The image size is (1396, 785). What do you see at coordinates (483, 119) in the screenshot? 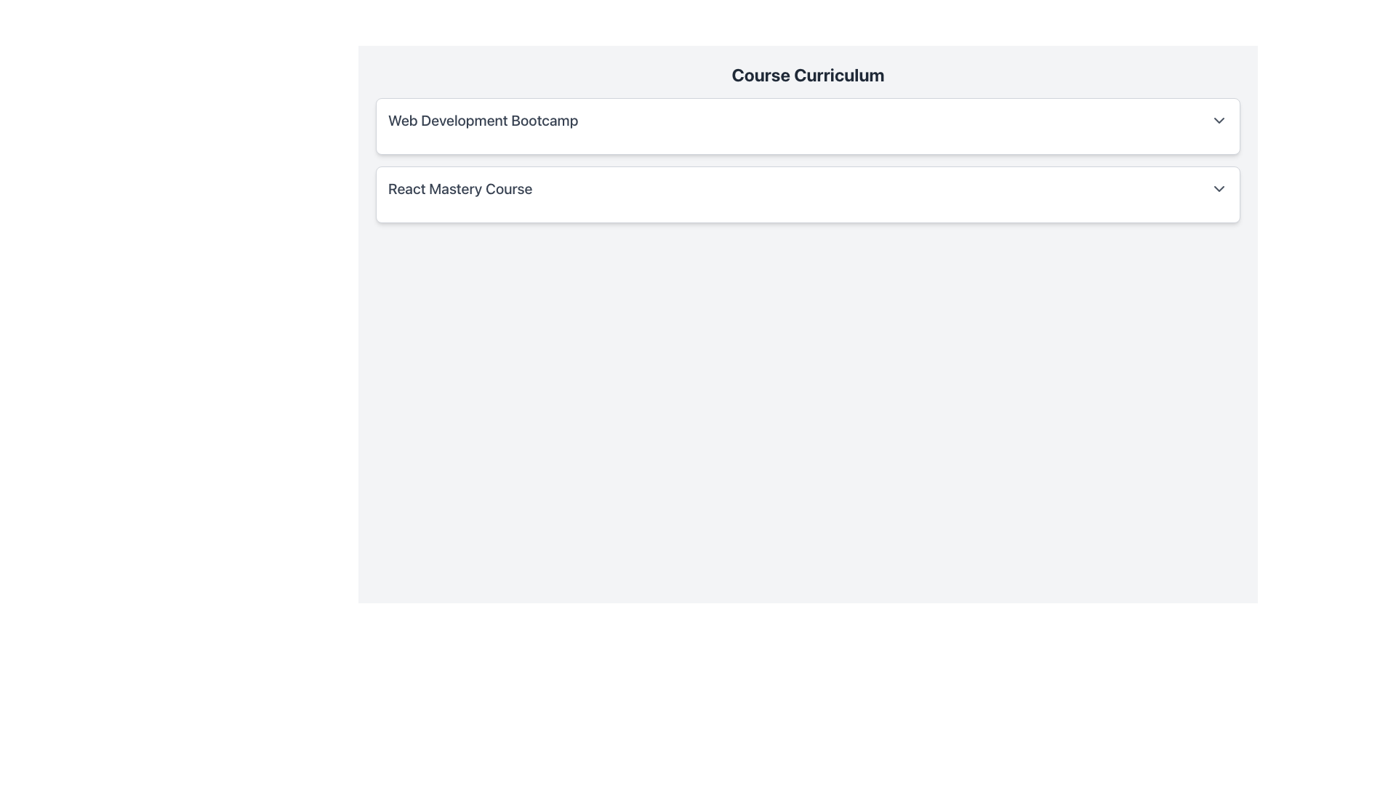
I see `the Text Label representing a course or module title located at the top section of a list` at bounding box center [483, 119].